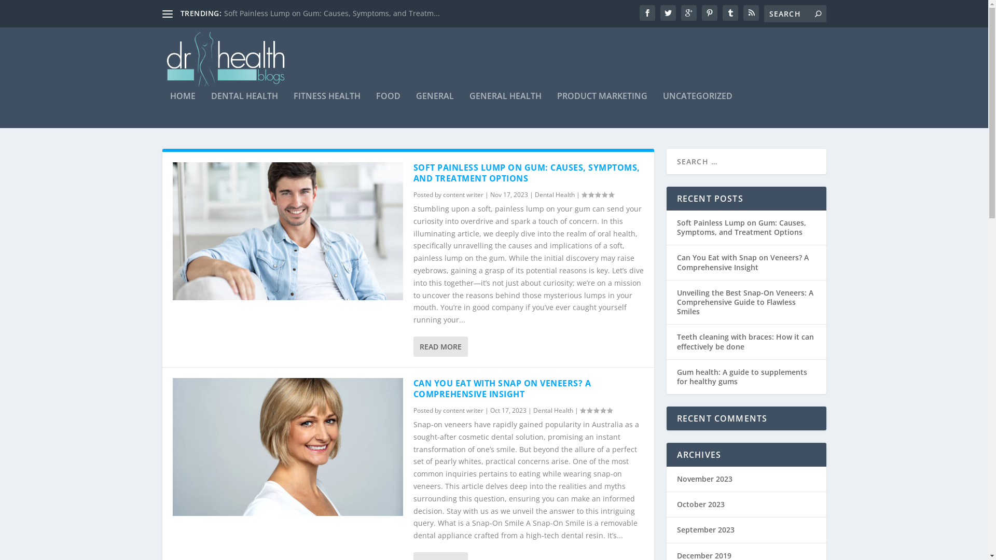 The image size is (996, 560). Describe the element at coordinates (764, 13) in the screenshot. I see `'Search for:'` at that location.